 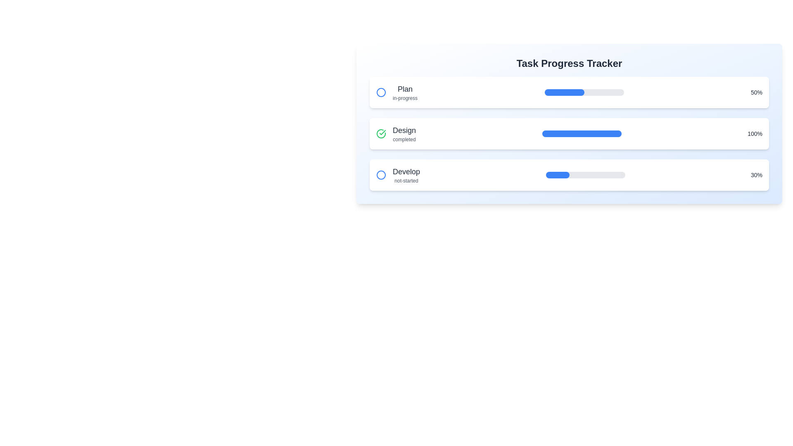 I want to click on the text 'Plan', so click(x=396, y=92).